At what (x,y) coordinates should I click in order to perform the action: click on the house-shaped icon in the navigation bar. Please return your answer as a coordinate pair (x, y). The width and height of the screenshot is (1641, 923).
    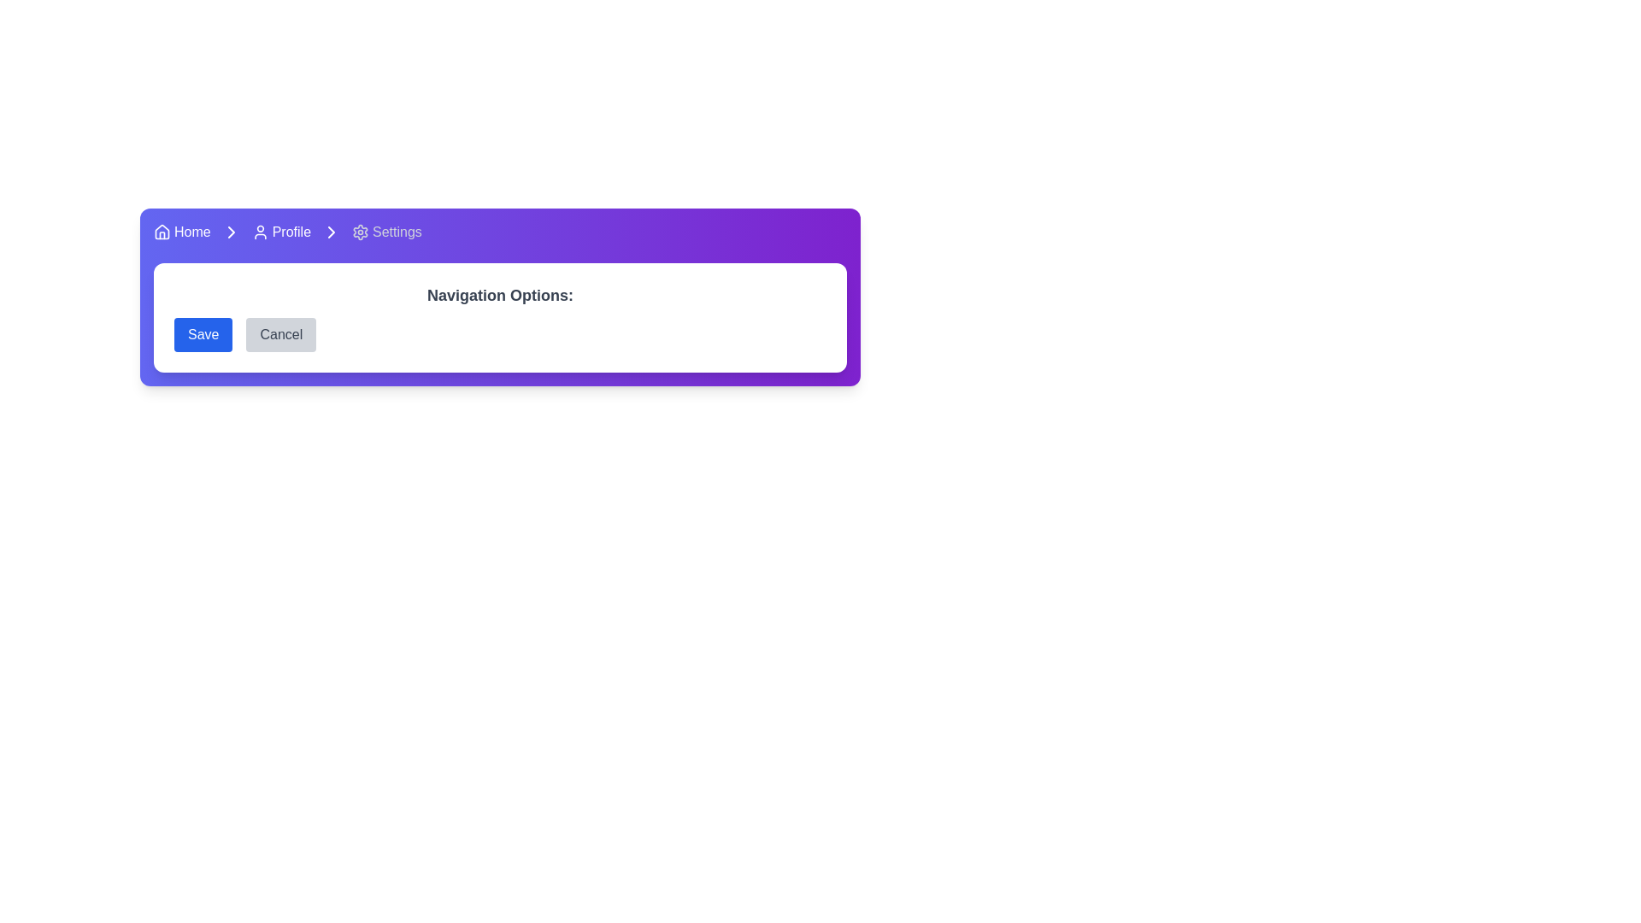
    Looking at the image, I should click on (162, 231).